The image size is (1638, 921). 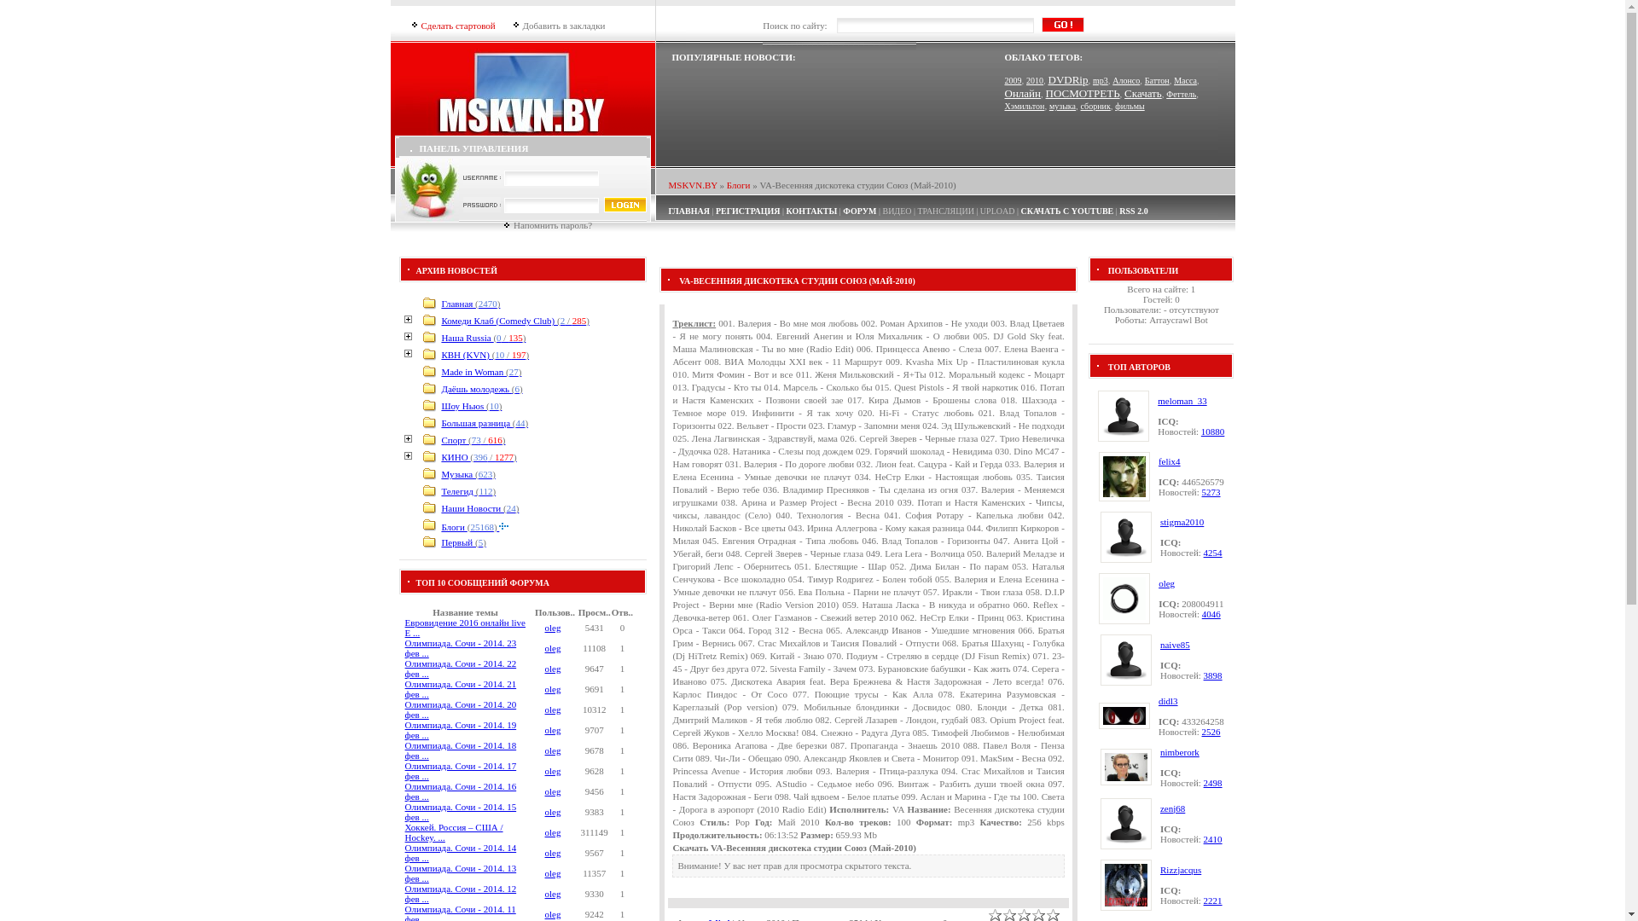 What do you see at coordinates (1066, 79) in the screenshot?
I see `'DVDRip'` at bounding box center [1066, 79].